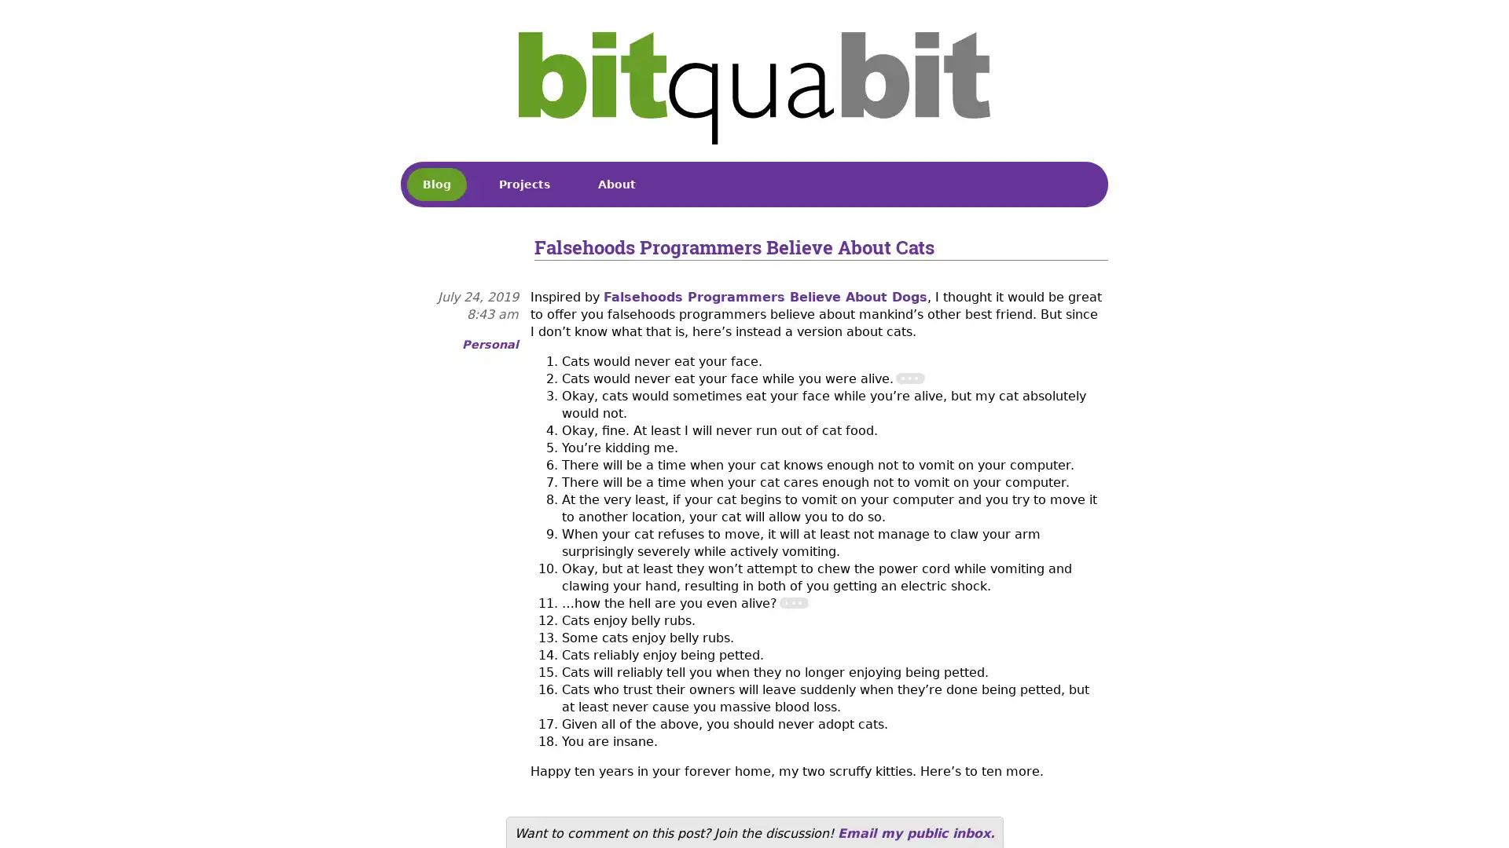  I want to click on Footnote 2, so click(793, 601).